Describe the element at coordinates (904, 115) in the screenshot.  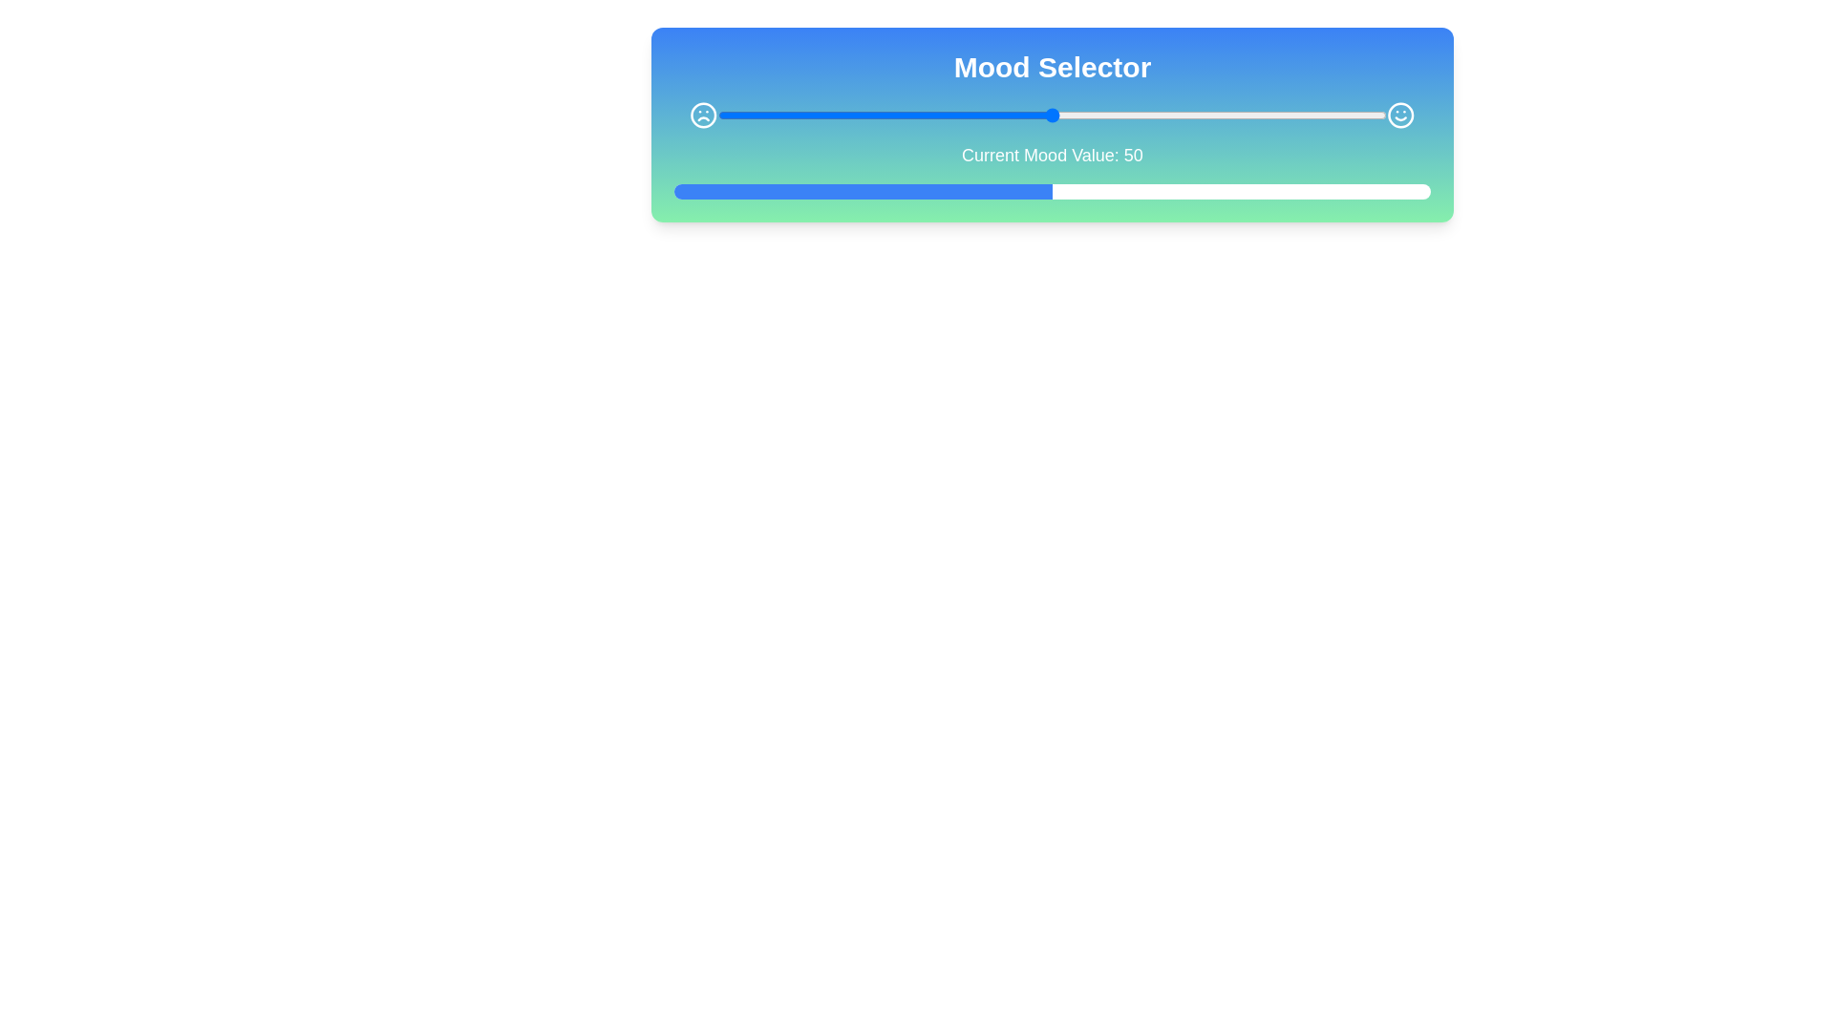
I see `the mood slider` at that location.